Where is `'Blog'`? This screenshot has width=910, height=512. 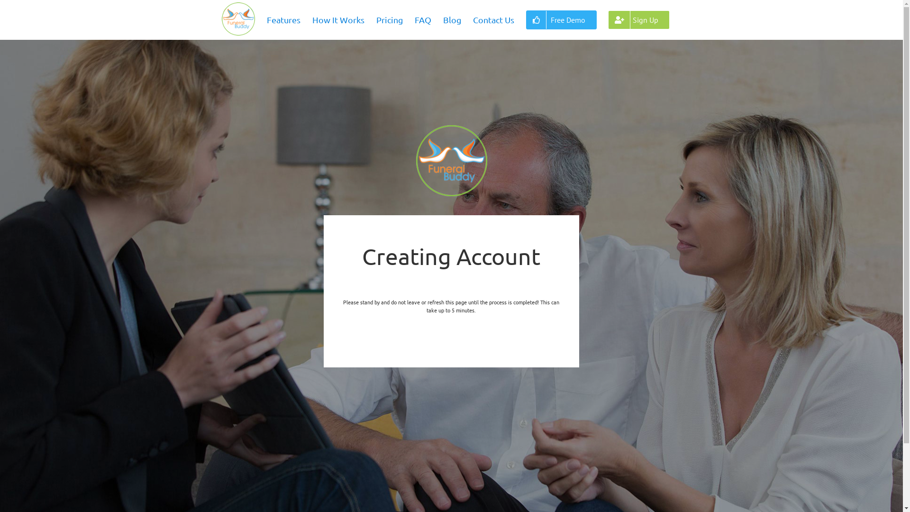
'Blog' is located at coordinates (452, 20).